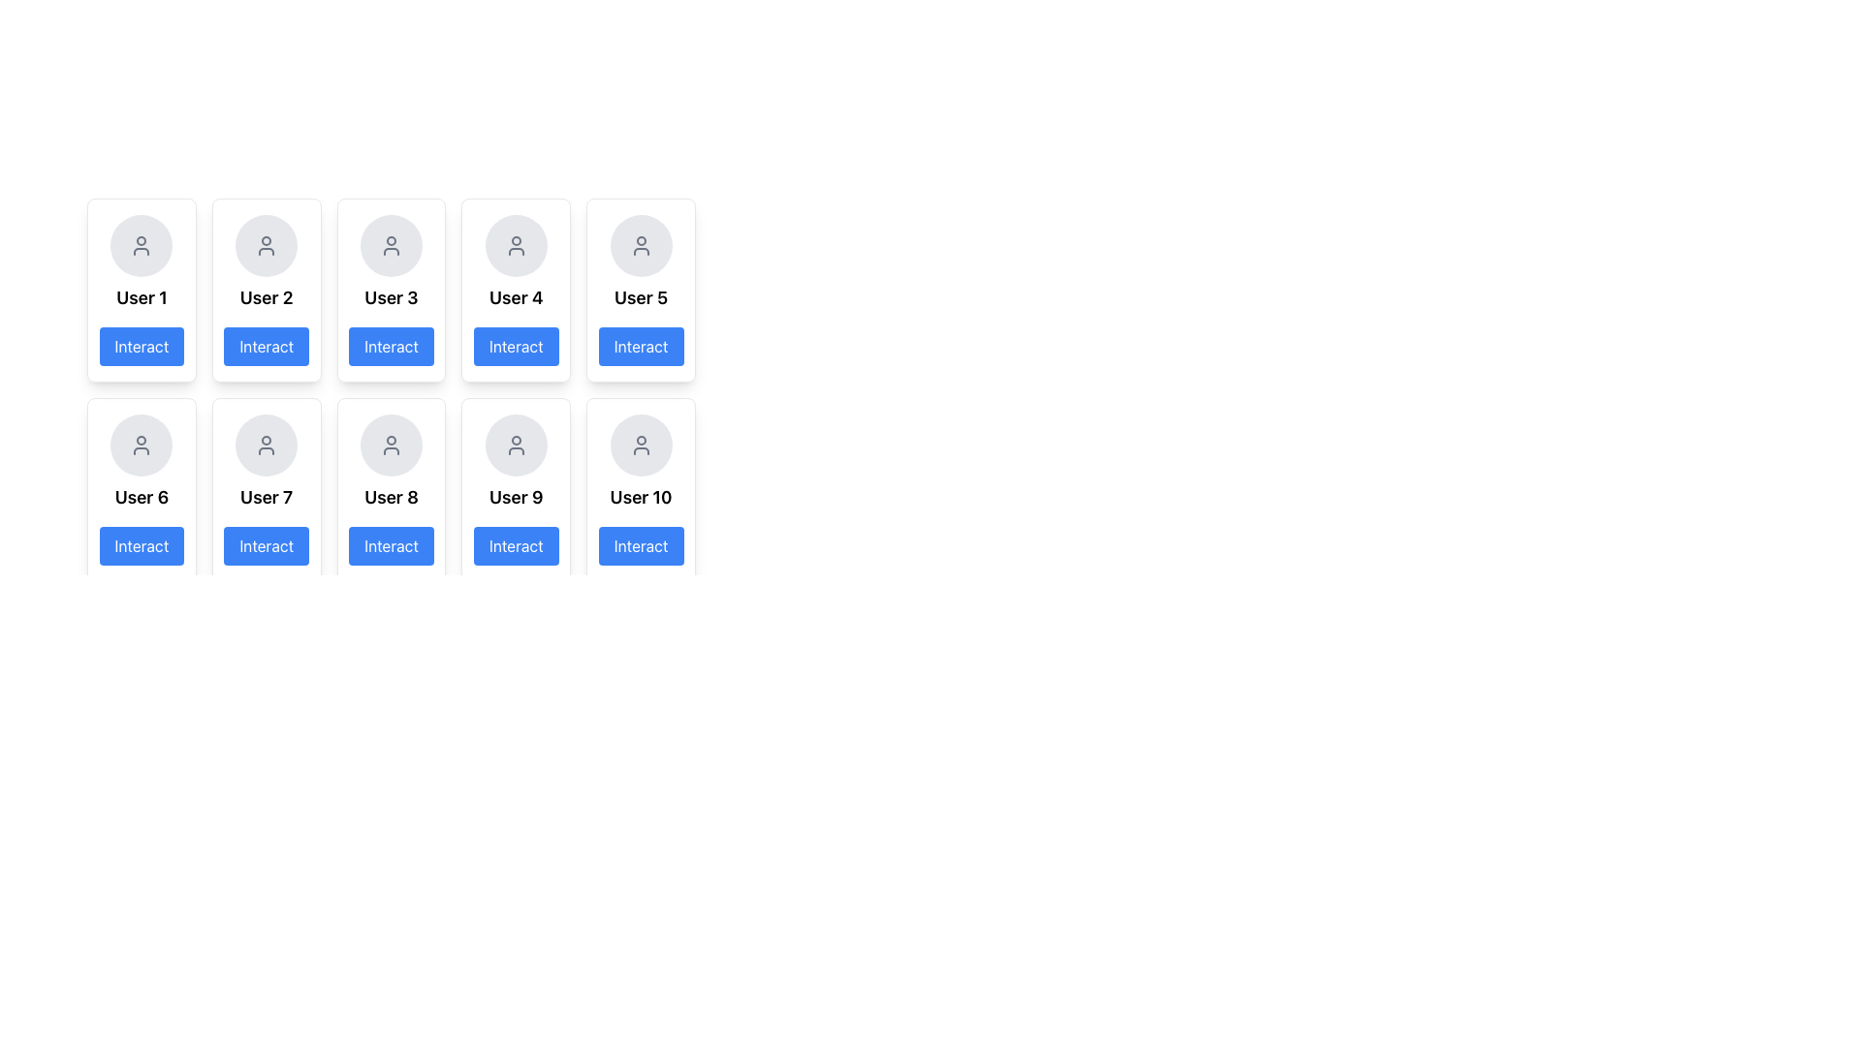 Image resolution: width=1861 pixels, height=1046 pixels. Describe the element at coordinates (516, 298) in the screenshot. I see `the non-interactive text label displaying the user's identifier, located in the fourth card from the left in the top row of the grid layout, below the circular avatar placeholder and above the 'Interact' button` at that location.